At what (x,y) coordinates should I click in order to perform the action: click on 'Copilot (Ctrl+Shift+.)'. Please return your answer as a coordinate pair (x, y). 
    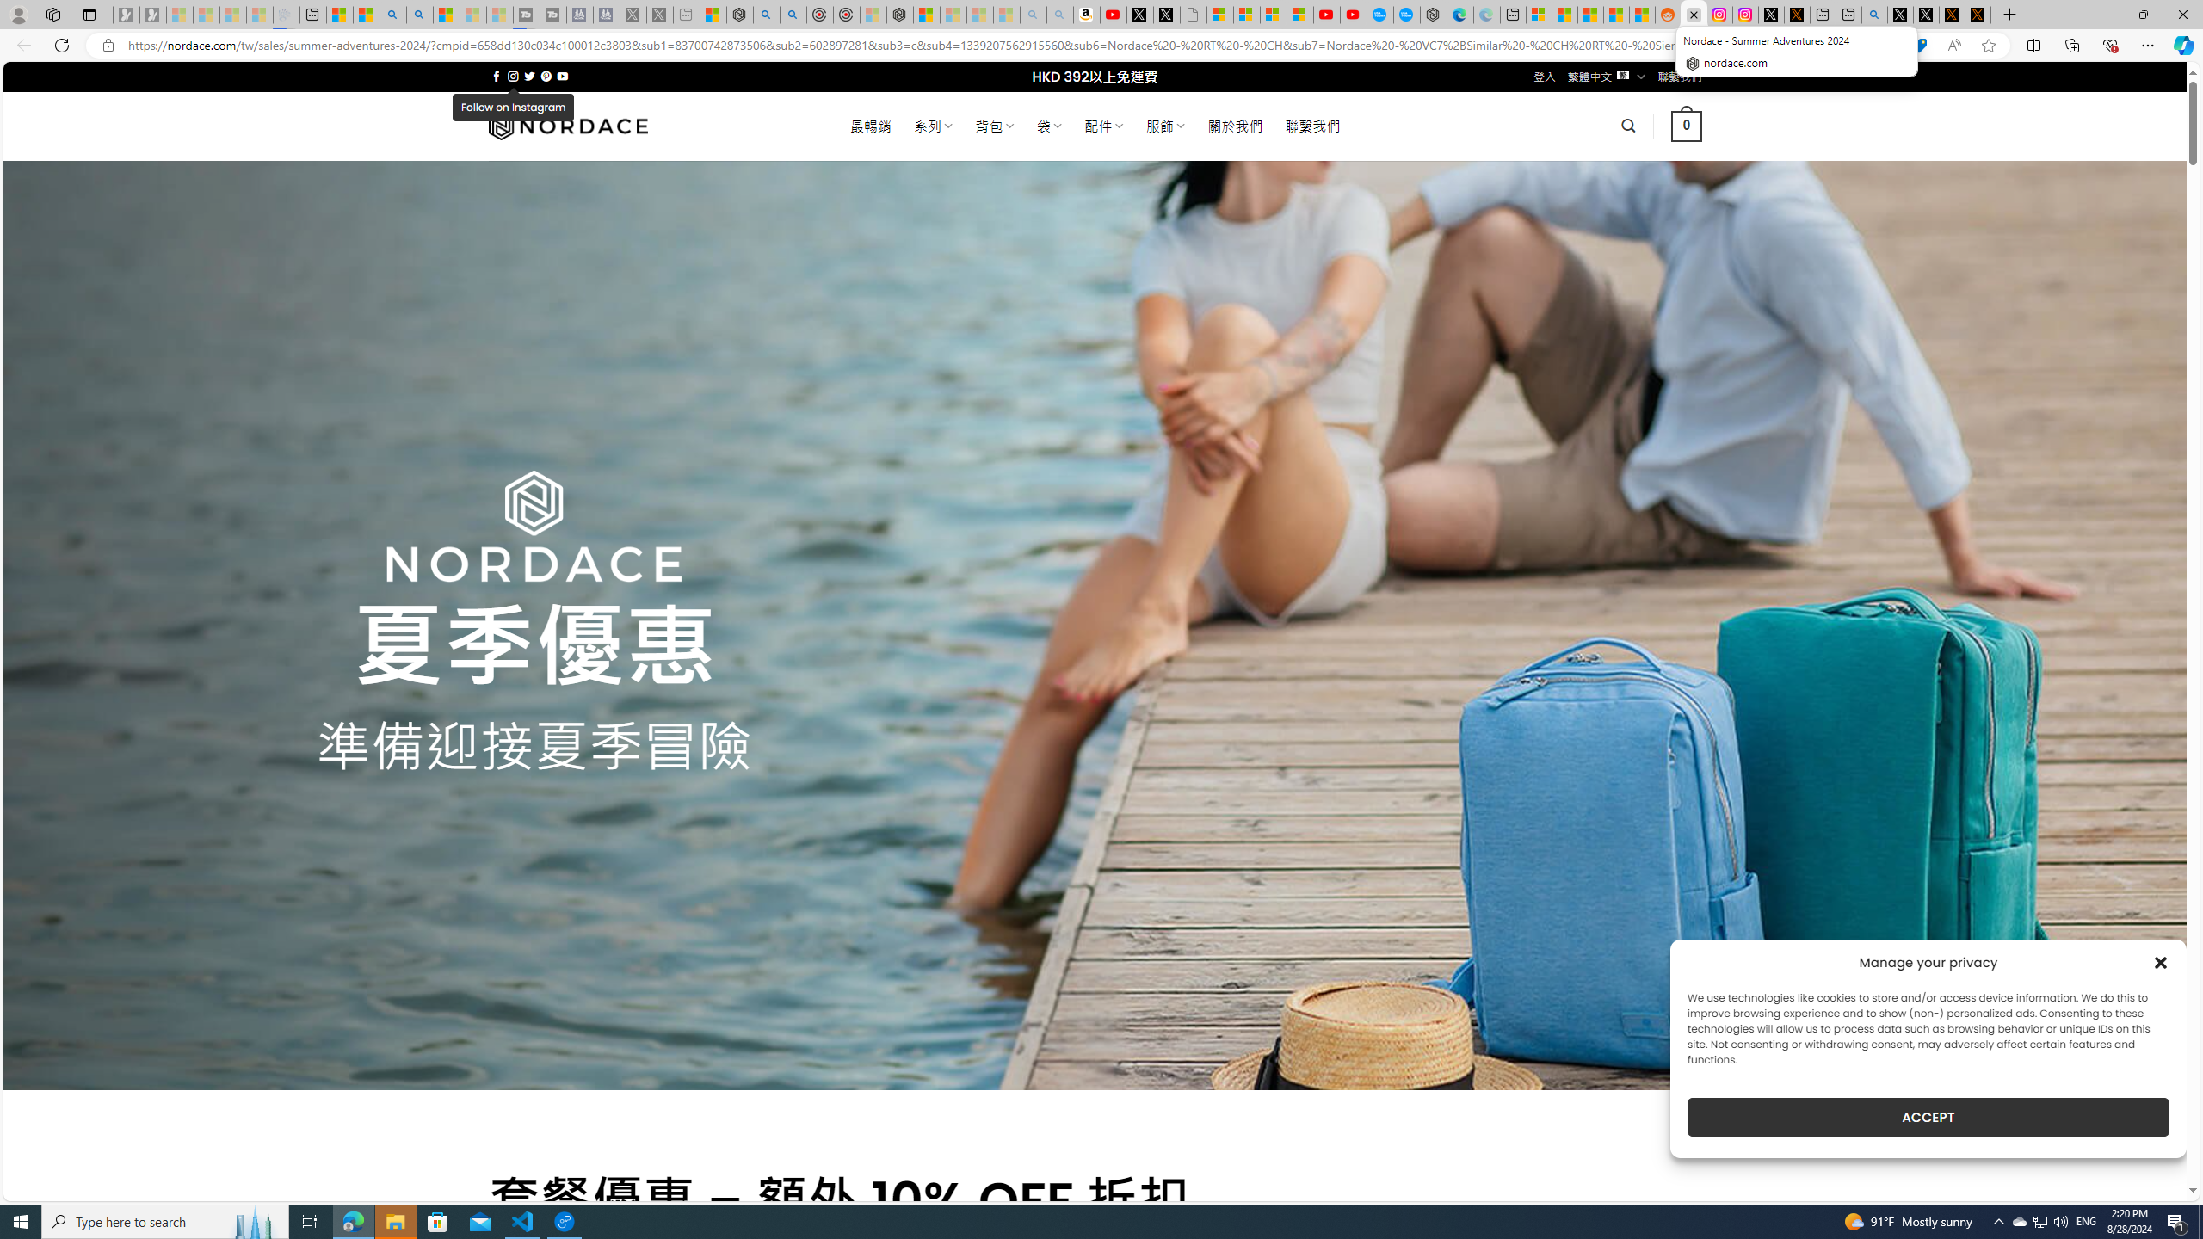
    Looking at the image, I should click on (2181, 44).